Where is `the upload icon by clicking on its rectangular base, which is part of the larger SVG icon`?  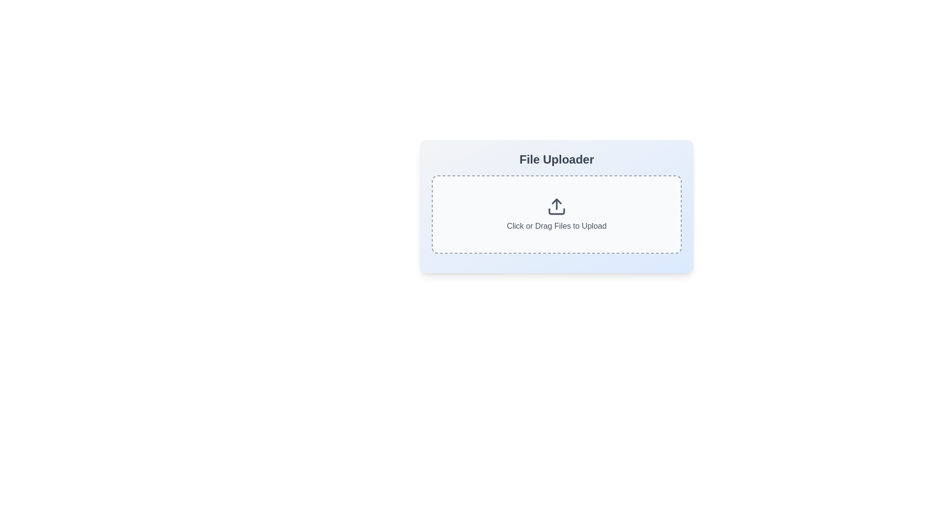 the upload icon by clicking on its rectangular base, which is part of the larger SVG icon is located at coordinates (557, 211).